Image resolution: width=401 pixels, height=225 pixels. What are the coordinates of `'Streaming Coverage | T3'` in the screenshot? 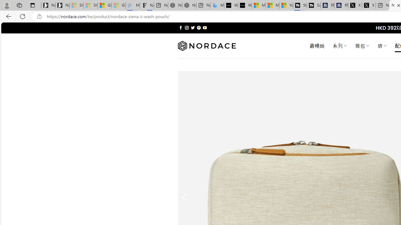 It's located at (299, 5).